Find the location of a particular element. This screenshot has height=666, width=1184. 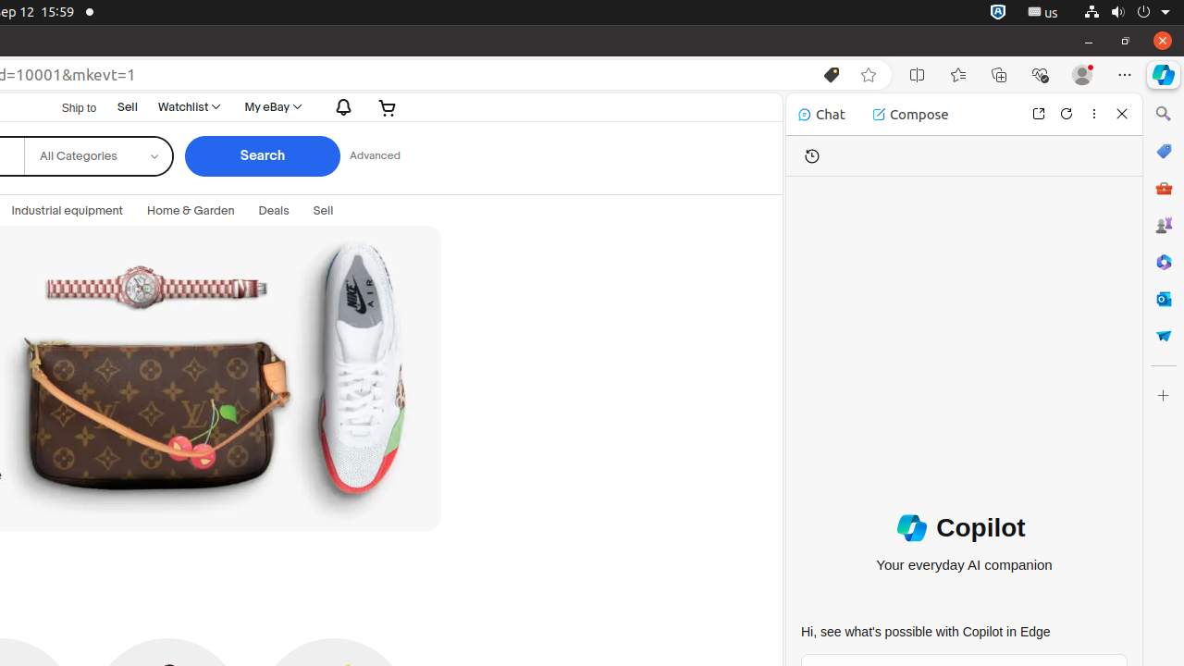

'Compose' is located at coordinates (910, 114).